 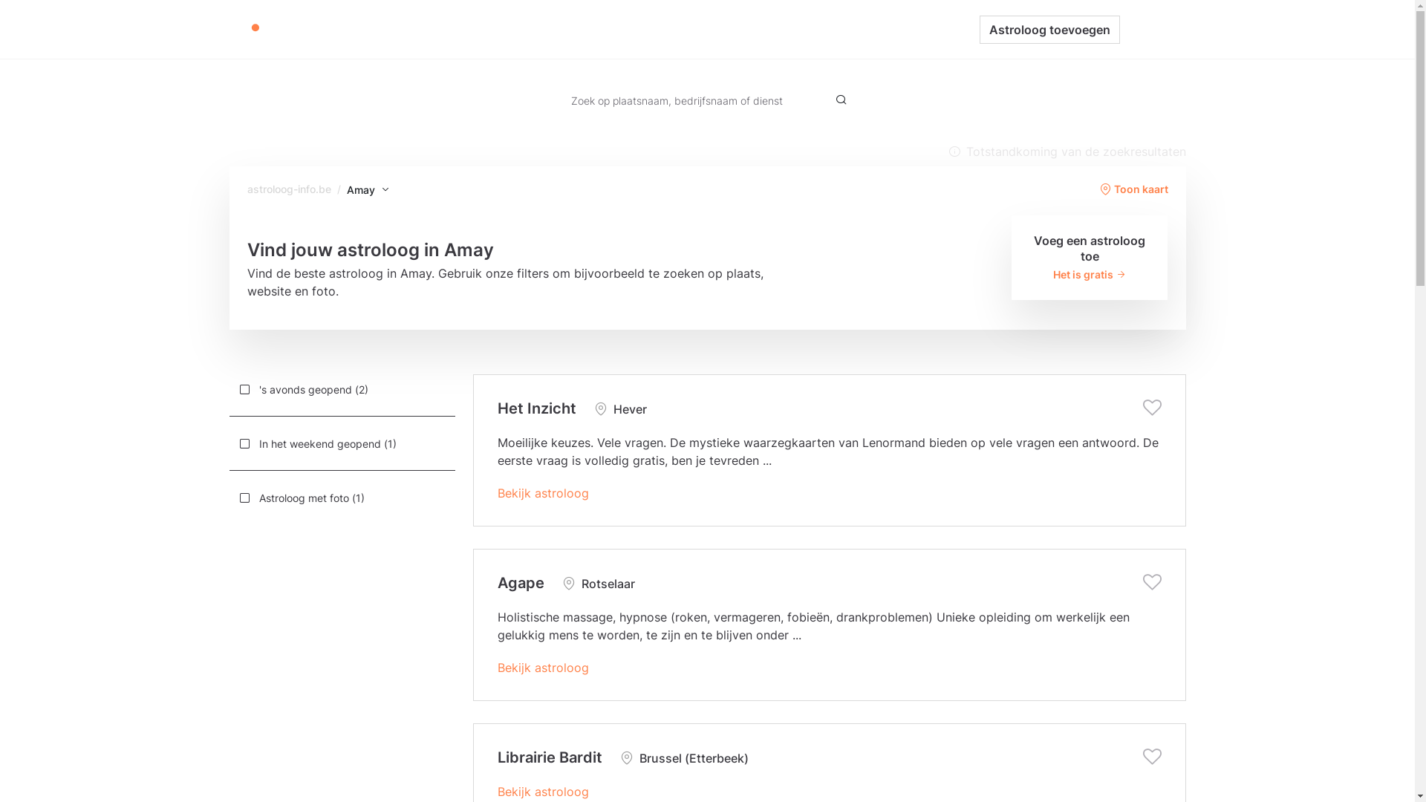 I want to click on 'Librairie Bardit', so click(x=549, y=757).